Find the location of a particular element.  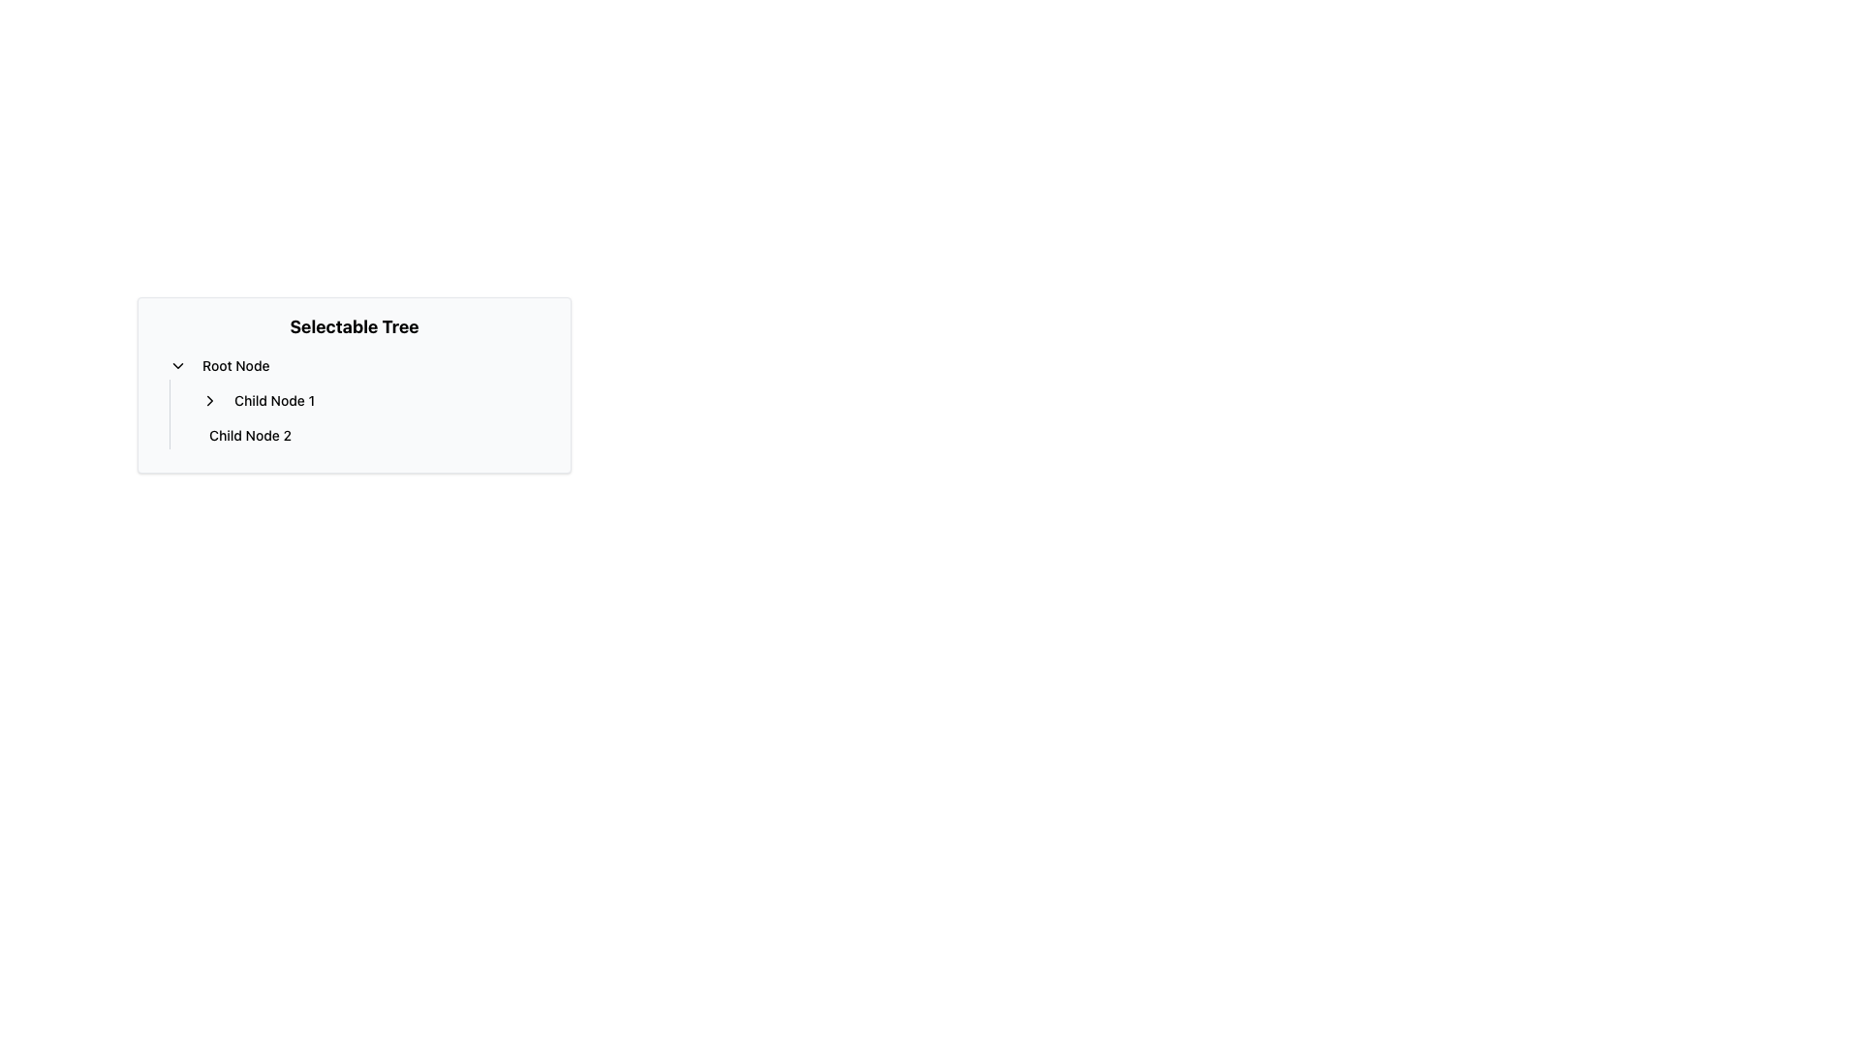

the chevron-down icon next to 'Root Node' is located at coordinates (177, 366).